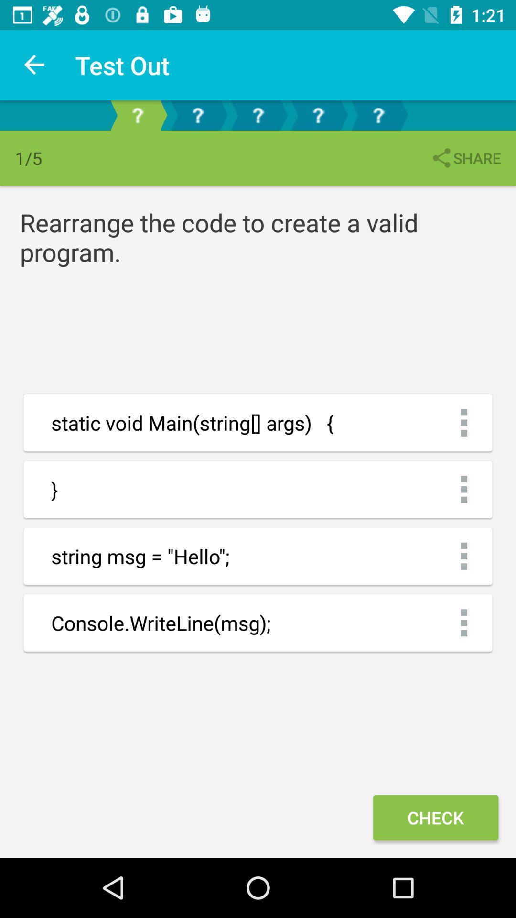 This screenshot has width=516, height=918. What do you see at coordinates (465, 158) in the screenshot?
I see `the share item` at bounding box center [465, 158].